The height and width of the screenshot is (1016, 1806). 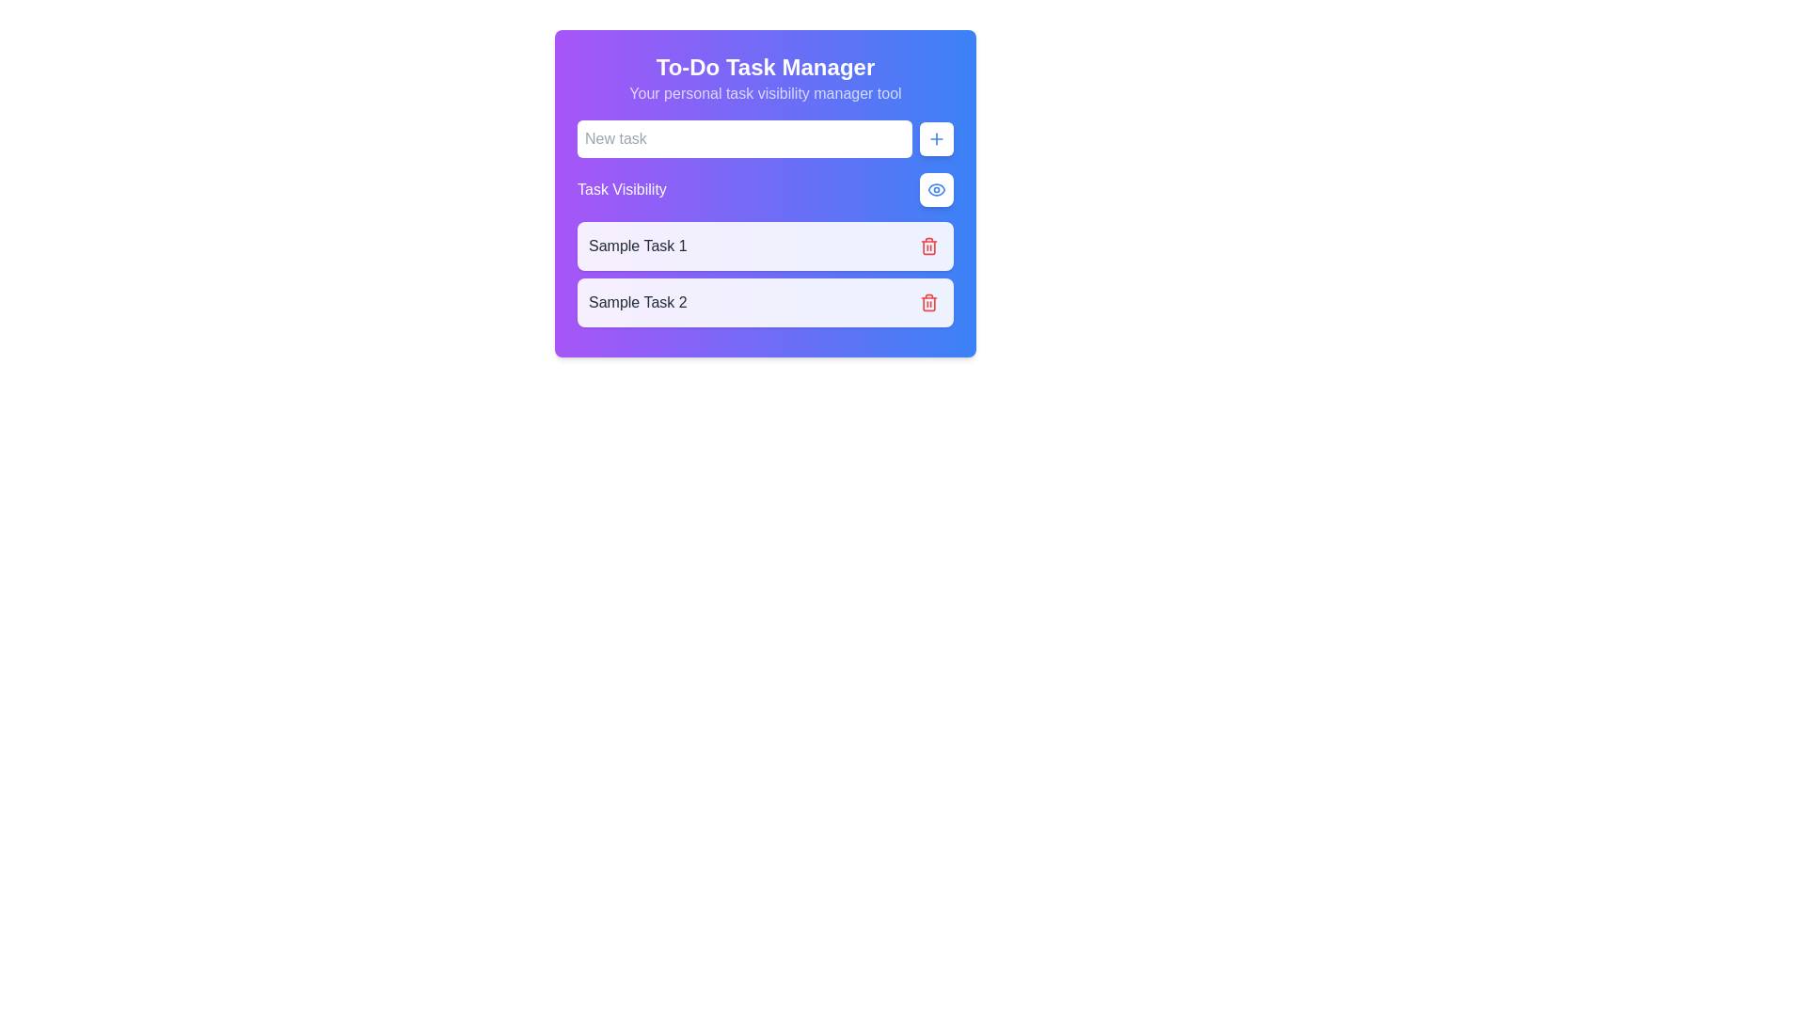 What do you see at coordinates (929, 301) in the screenshot?
I see `the red trash bin icon button located in the 'Sample Task 2' section` at bounding box center [929, 301].